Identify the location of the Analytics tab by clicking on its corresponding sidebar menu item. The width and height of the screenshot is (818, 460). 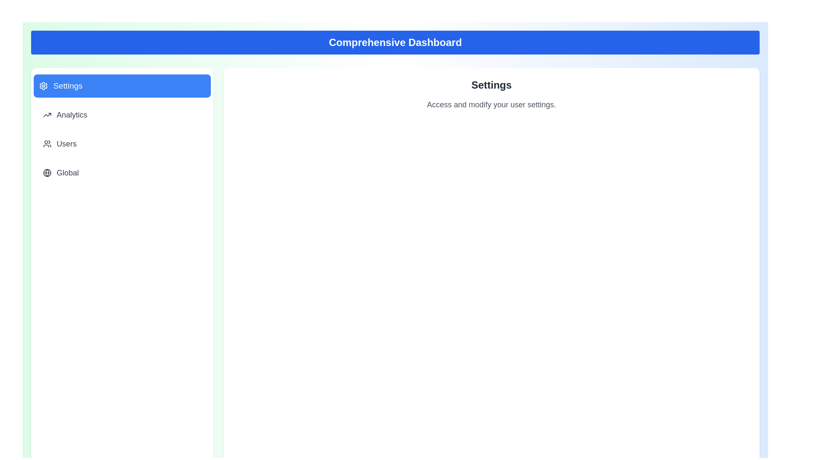
(121, 115).